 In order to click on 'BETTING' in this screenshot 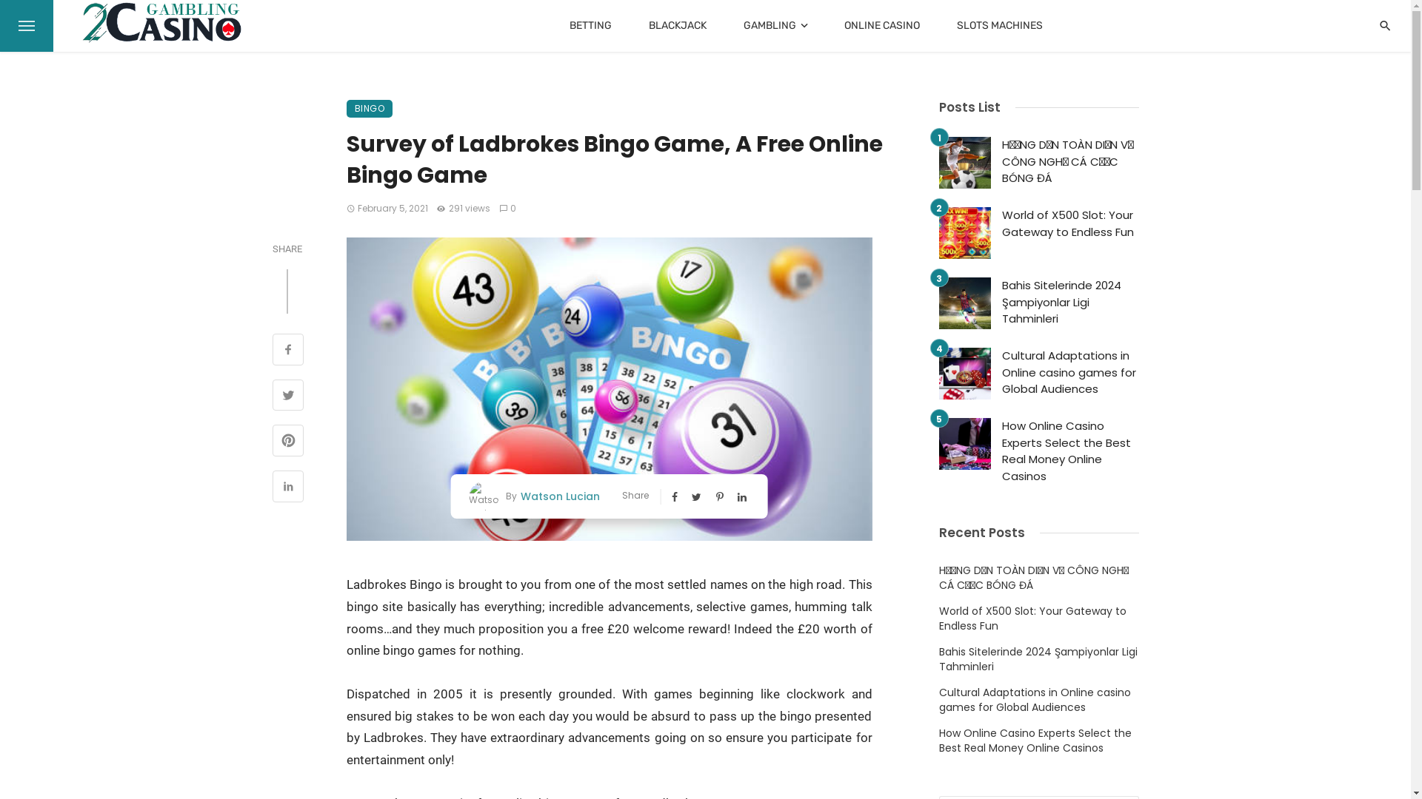, I will do `click(590, 25)`.